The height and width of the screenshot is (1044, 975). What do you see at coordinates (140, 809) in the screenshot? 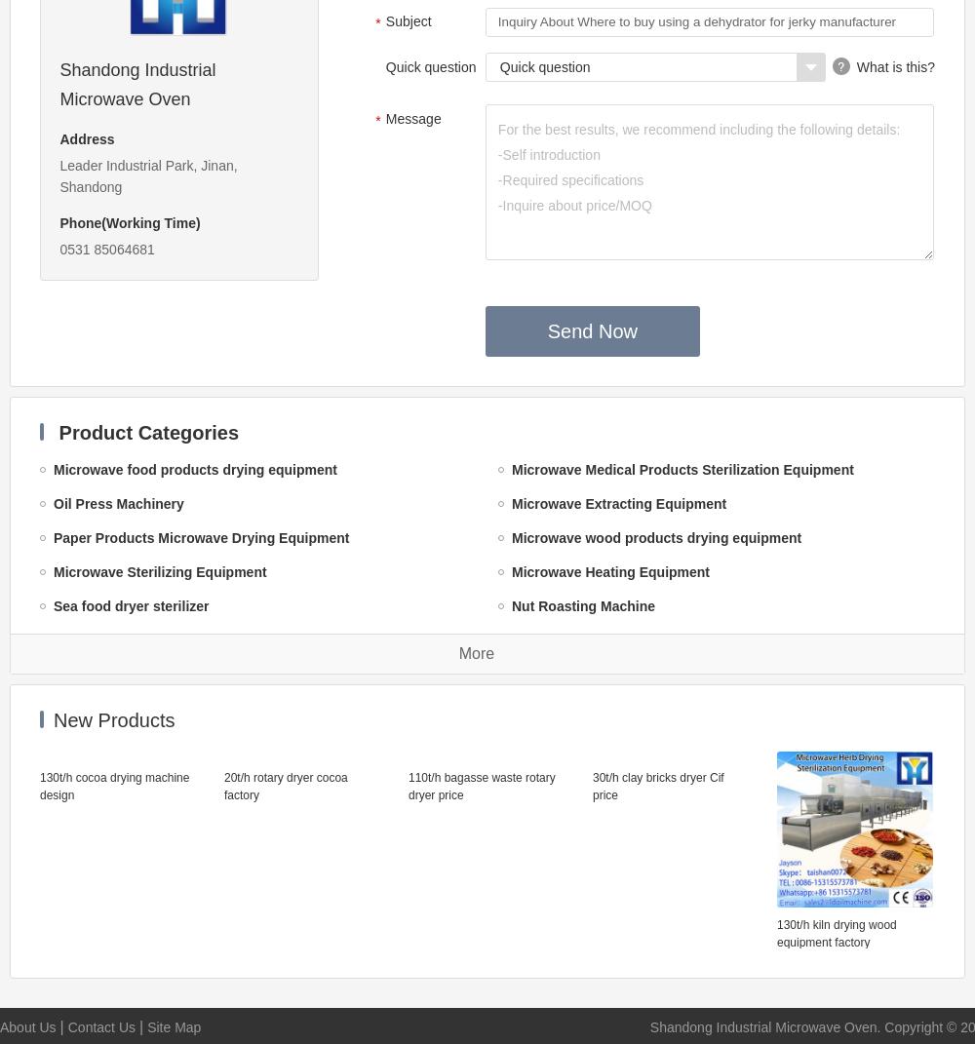
I see `'Microwave drying machine'` at bounding box center [140, 809].